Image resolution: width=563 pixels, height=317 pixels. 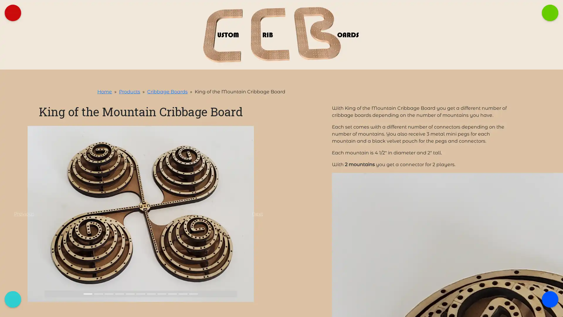 What do you see at coordinates (257, 214) in the screenshot?
I see `Next` at bounding box center [257, 214].